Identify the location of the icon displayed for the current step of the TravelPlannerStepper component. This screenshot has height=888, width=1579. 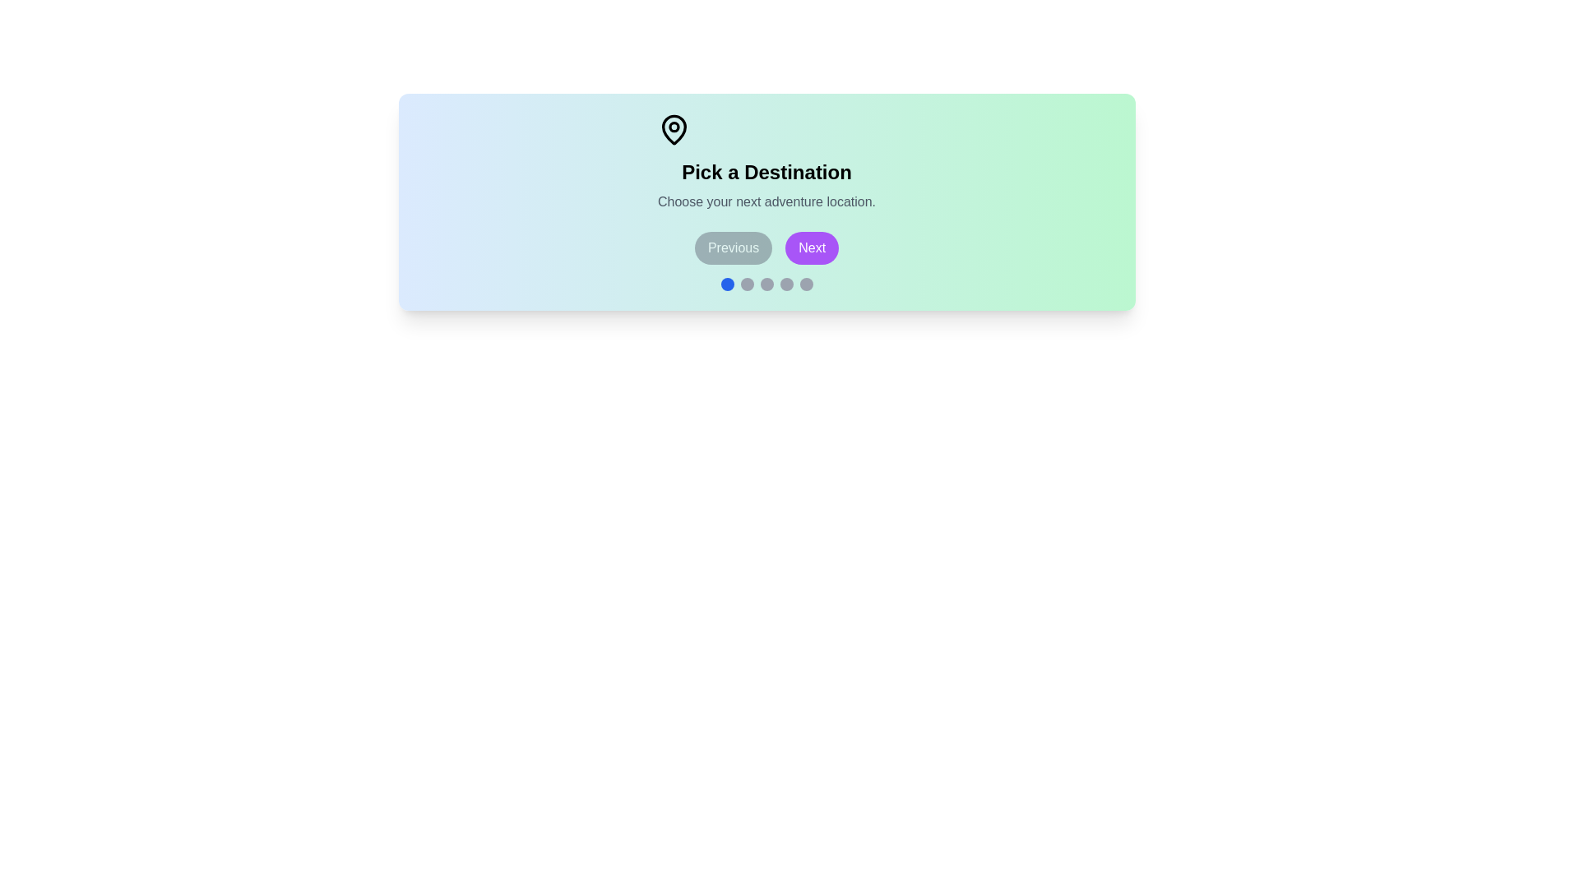
(674, 129).